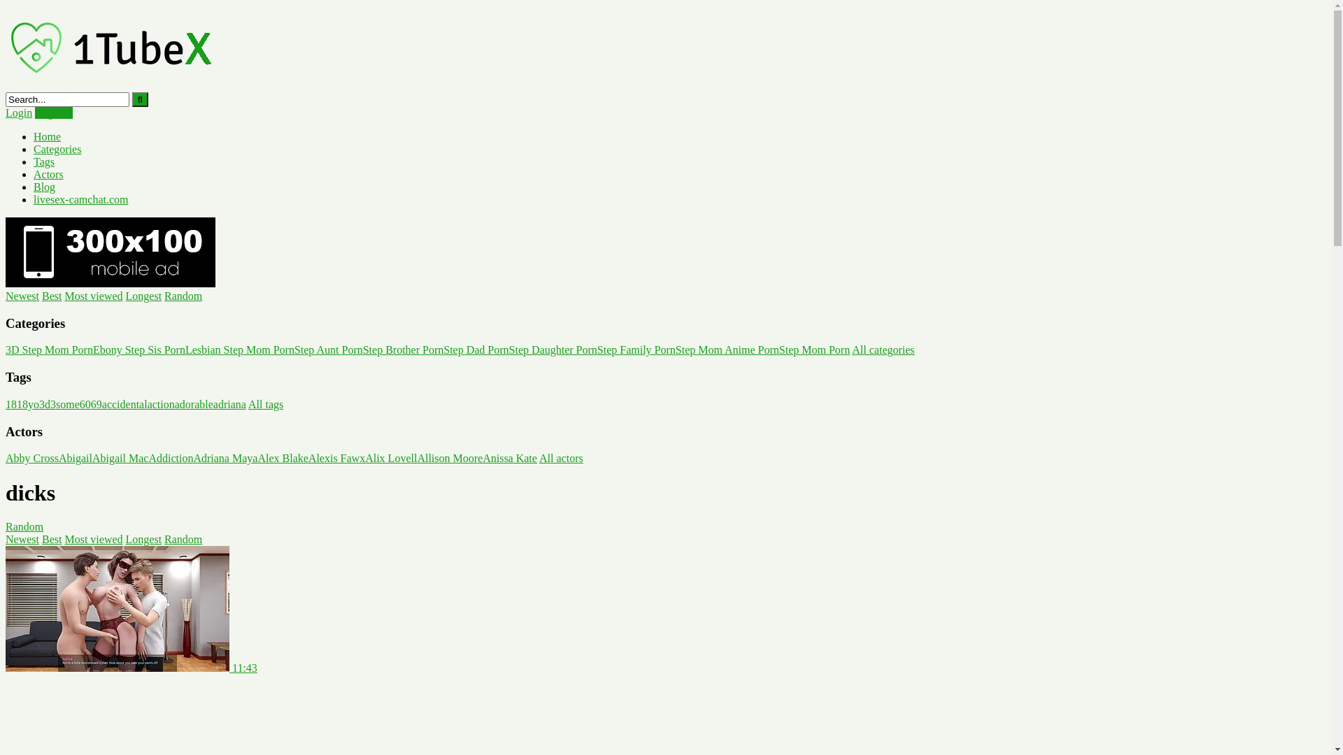  What do you see at coordinates (19, 112) in the screenshot?
I see `'Login'` at bounding box center [19, 112].